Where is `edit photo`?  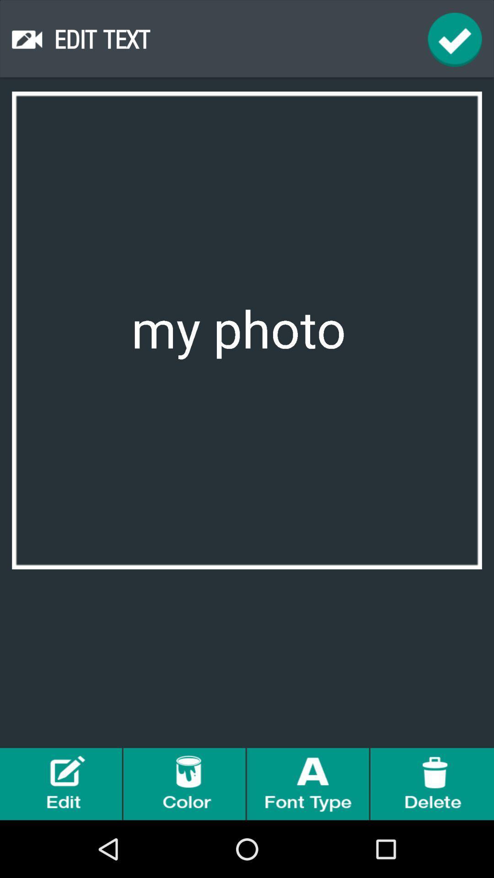
edit photo is located at coordinates (62, 783).